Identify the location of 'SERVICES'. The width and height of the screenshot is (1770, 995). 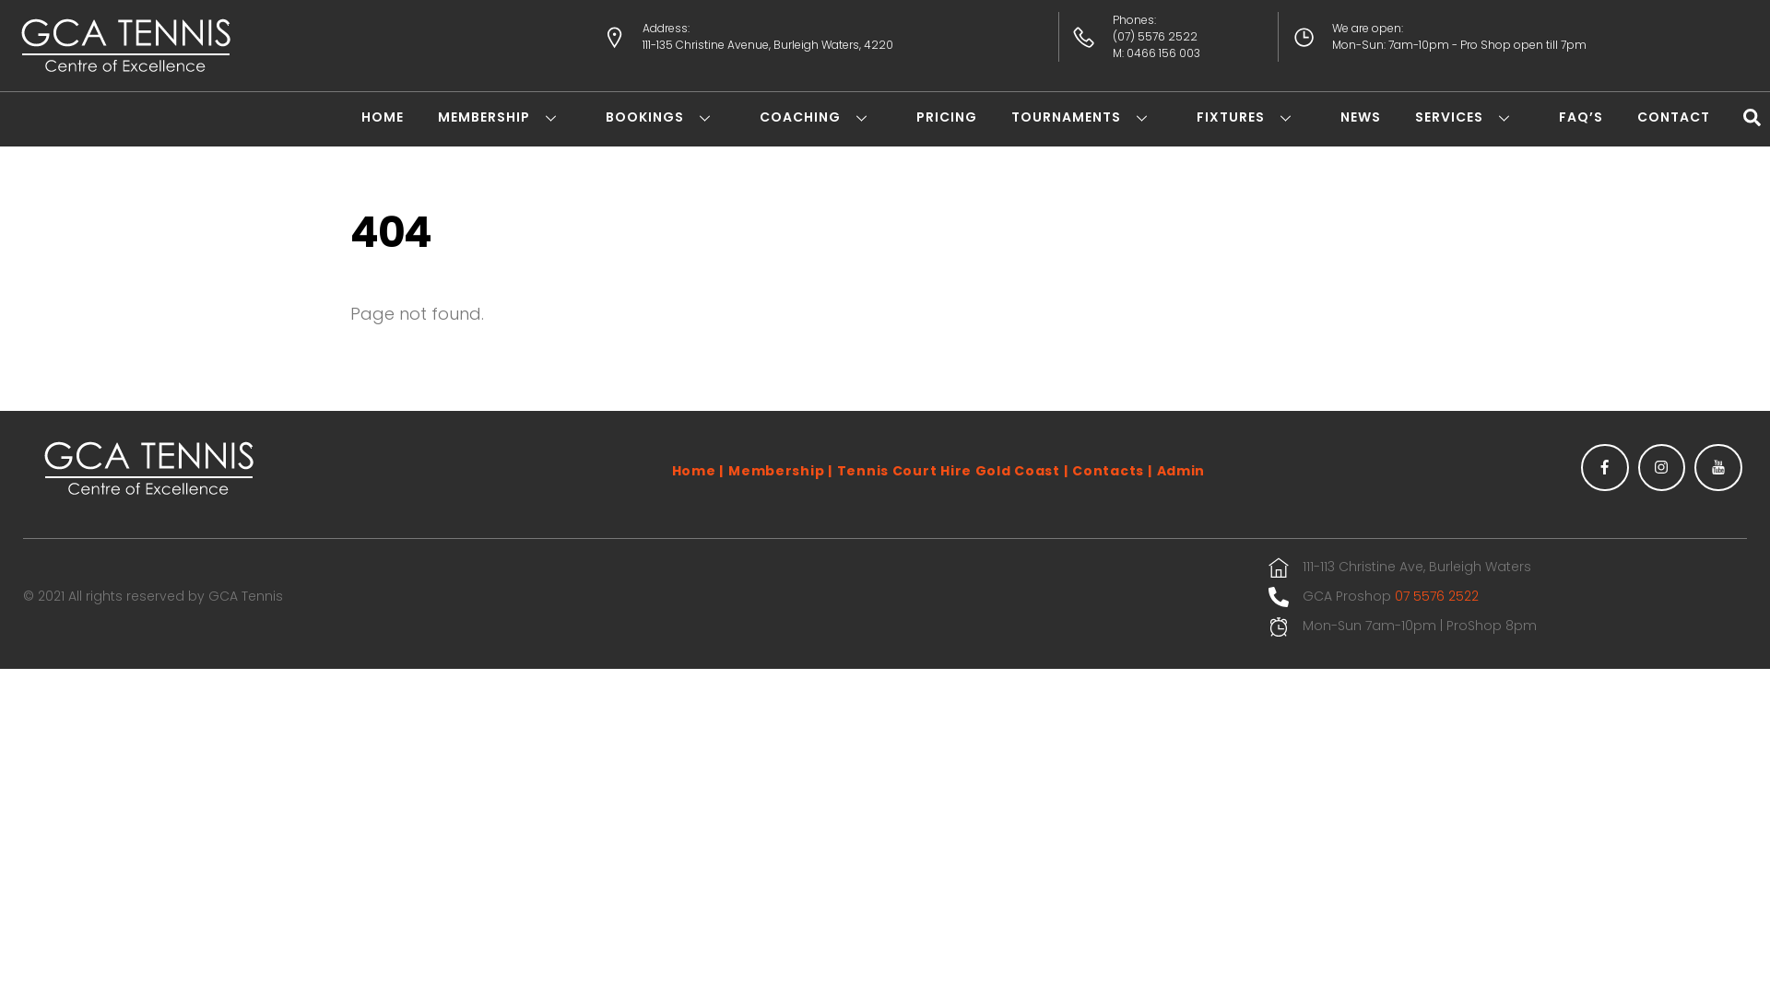
(1469, 117).